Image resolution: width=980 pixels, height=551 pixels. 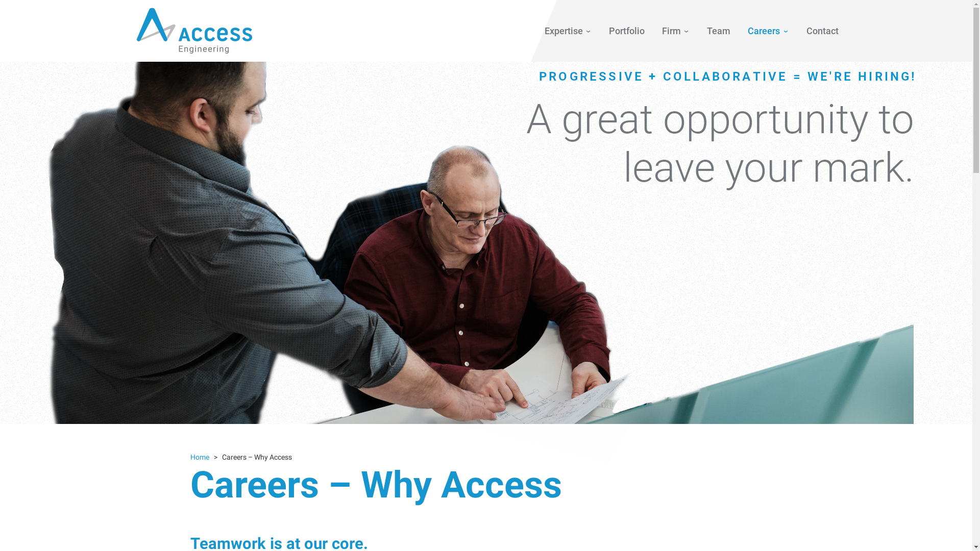 What do you see at coordinates (822, 30) in the screenshot?
I see `'Contact'` at bounding box center [822, 30].